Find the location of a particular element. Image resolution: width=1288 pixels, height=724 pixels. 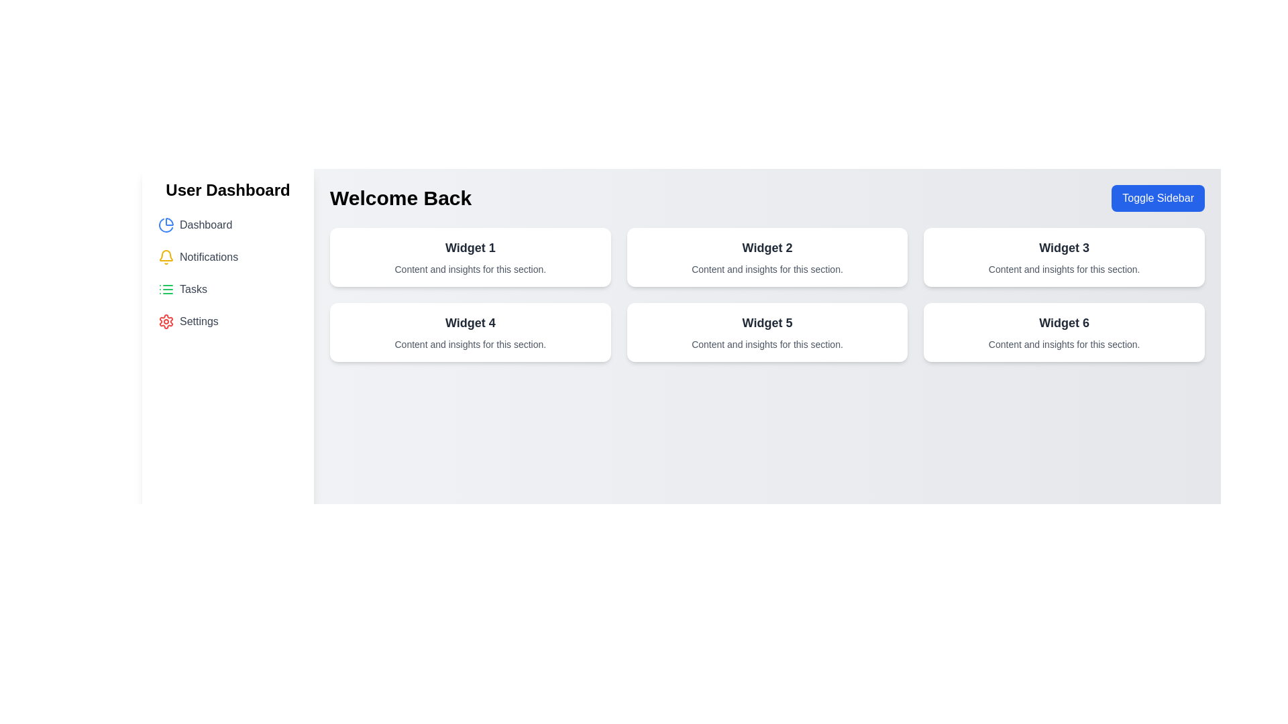

the bold text label displaying 'Widget 5' in a large dark gray font on a white background, located in the second box of the bottom row of the grid layout is located at coordinates (767, 323).